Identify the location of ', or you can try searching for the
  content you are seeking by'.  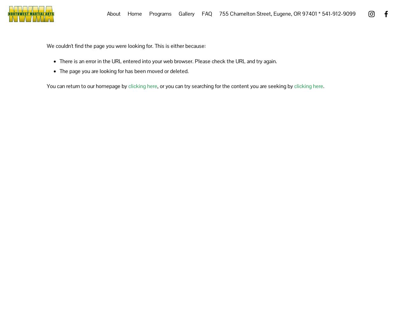
(225, 86).